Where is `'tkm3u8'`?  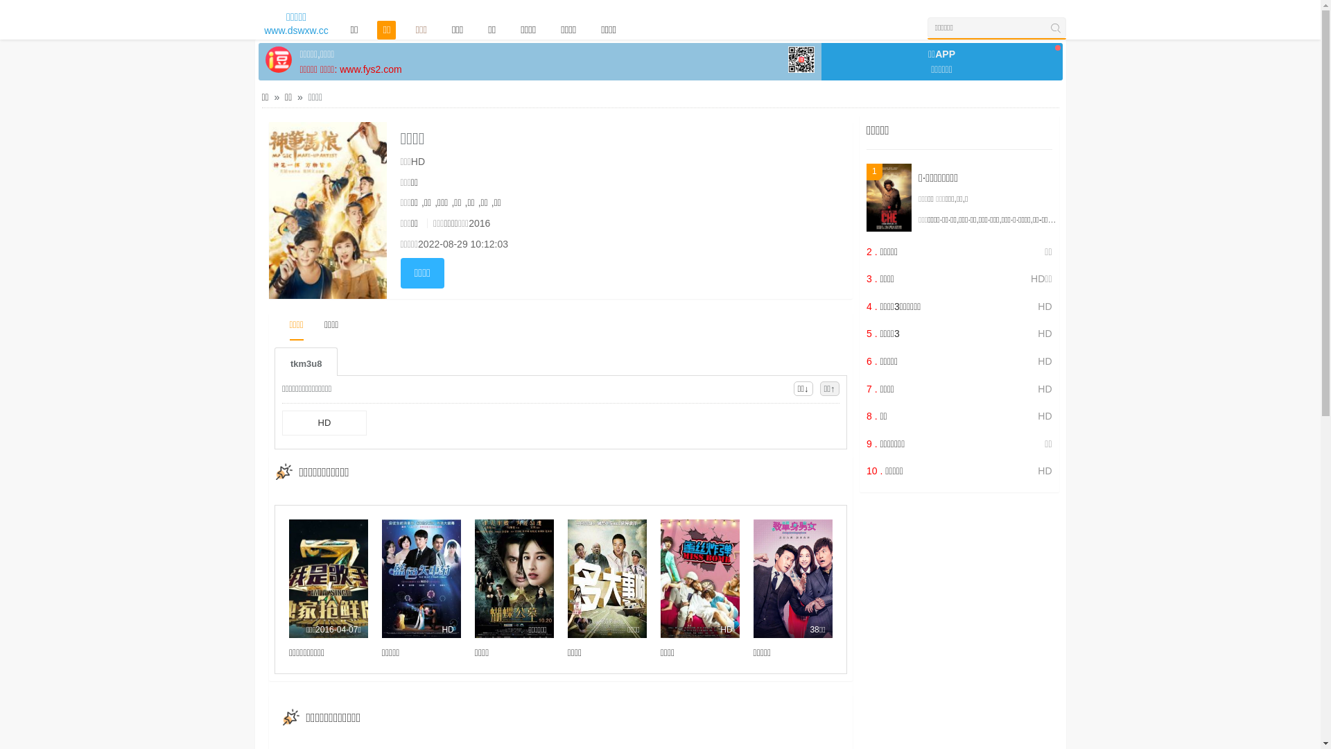 'tkm3u8' is located at coordinates (274, 361).